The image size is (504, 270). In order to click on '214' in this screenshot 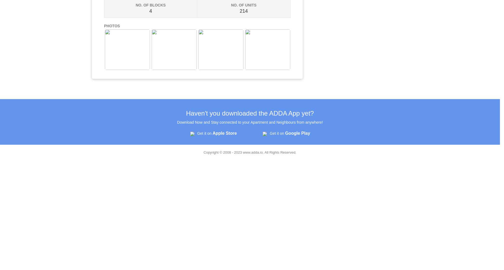, I will do `click(243, 11)`.